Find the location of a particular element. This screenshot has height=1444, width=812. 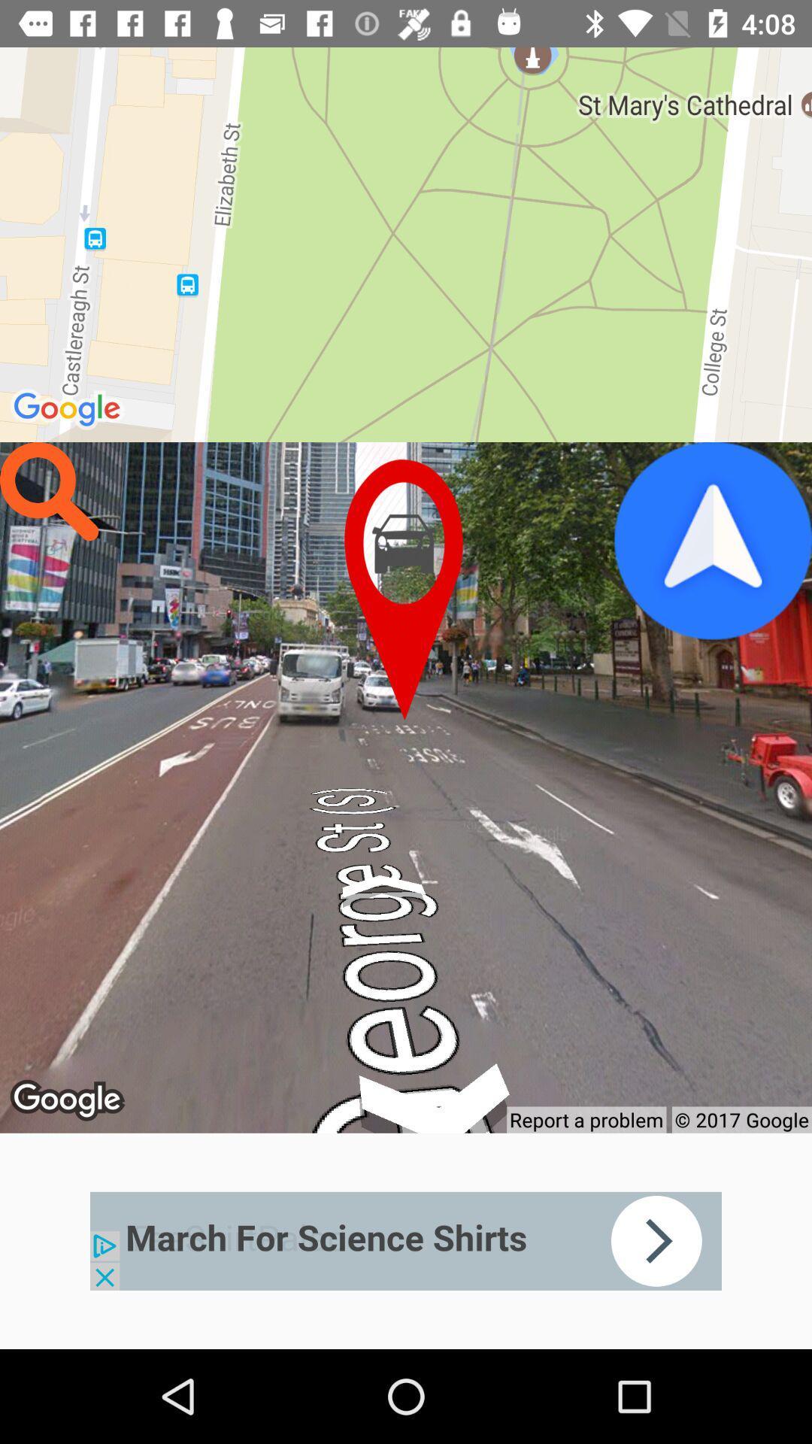

advertisement page is located at coordinates (406, 1241).